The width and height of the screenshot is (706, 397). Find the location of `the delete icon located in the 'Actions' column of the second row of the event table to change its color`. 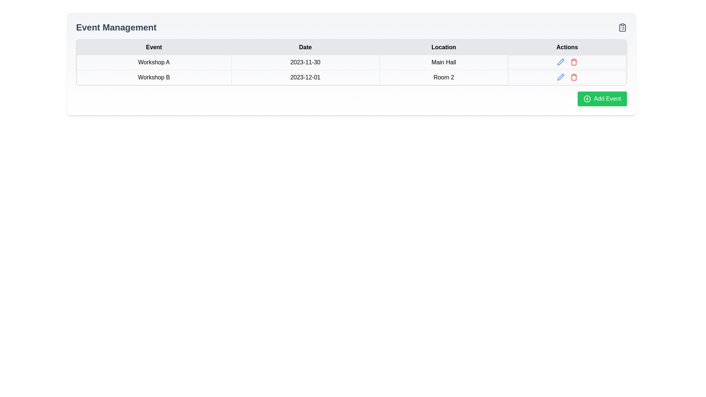

the delete icon located in the 'Actions' column of the second row of the event table to change its color is located at coordinates (573, 62).